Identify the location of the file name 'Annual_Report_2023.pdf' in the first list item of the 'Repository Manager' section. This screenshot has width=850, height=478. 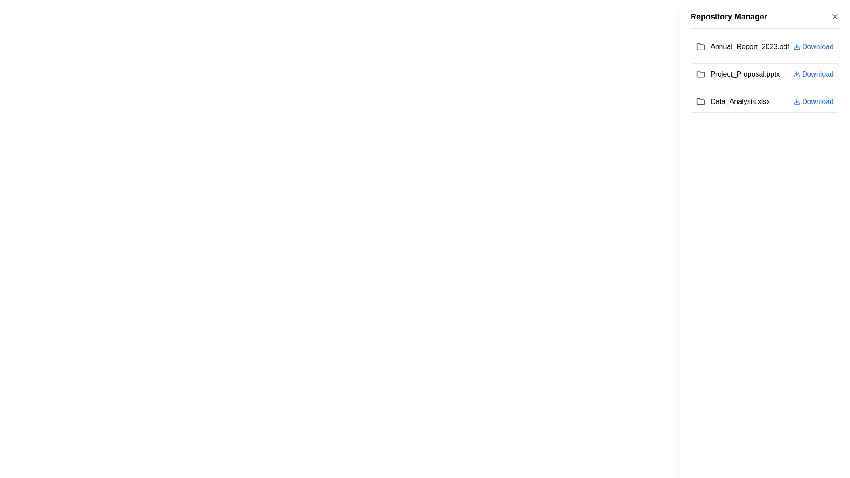
(765, 46).